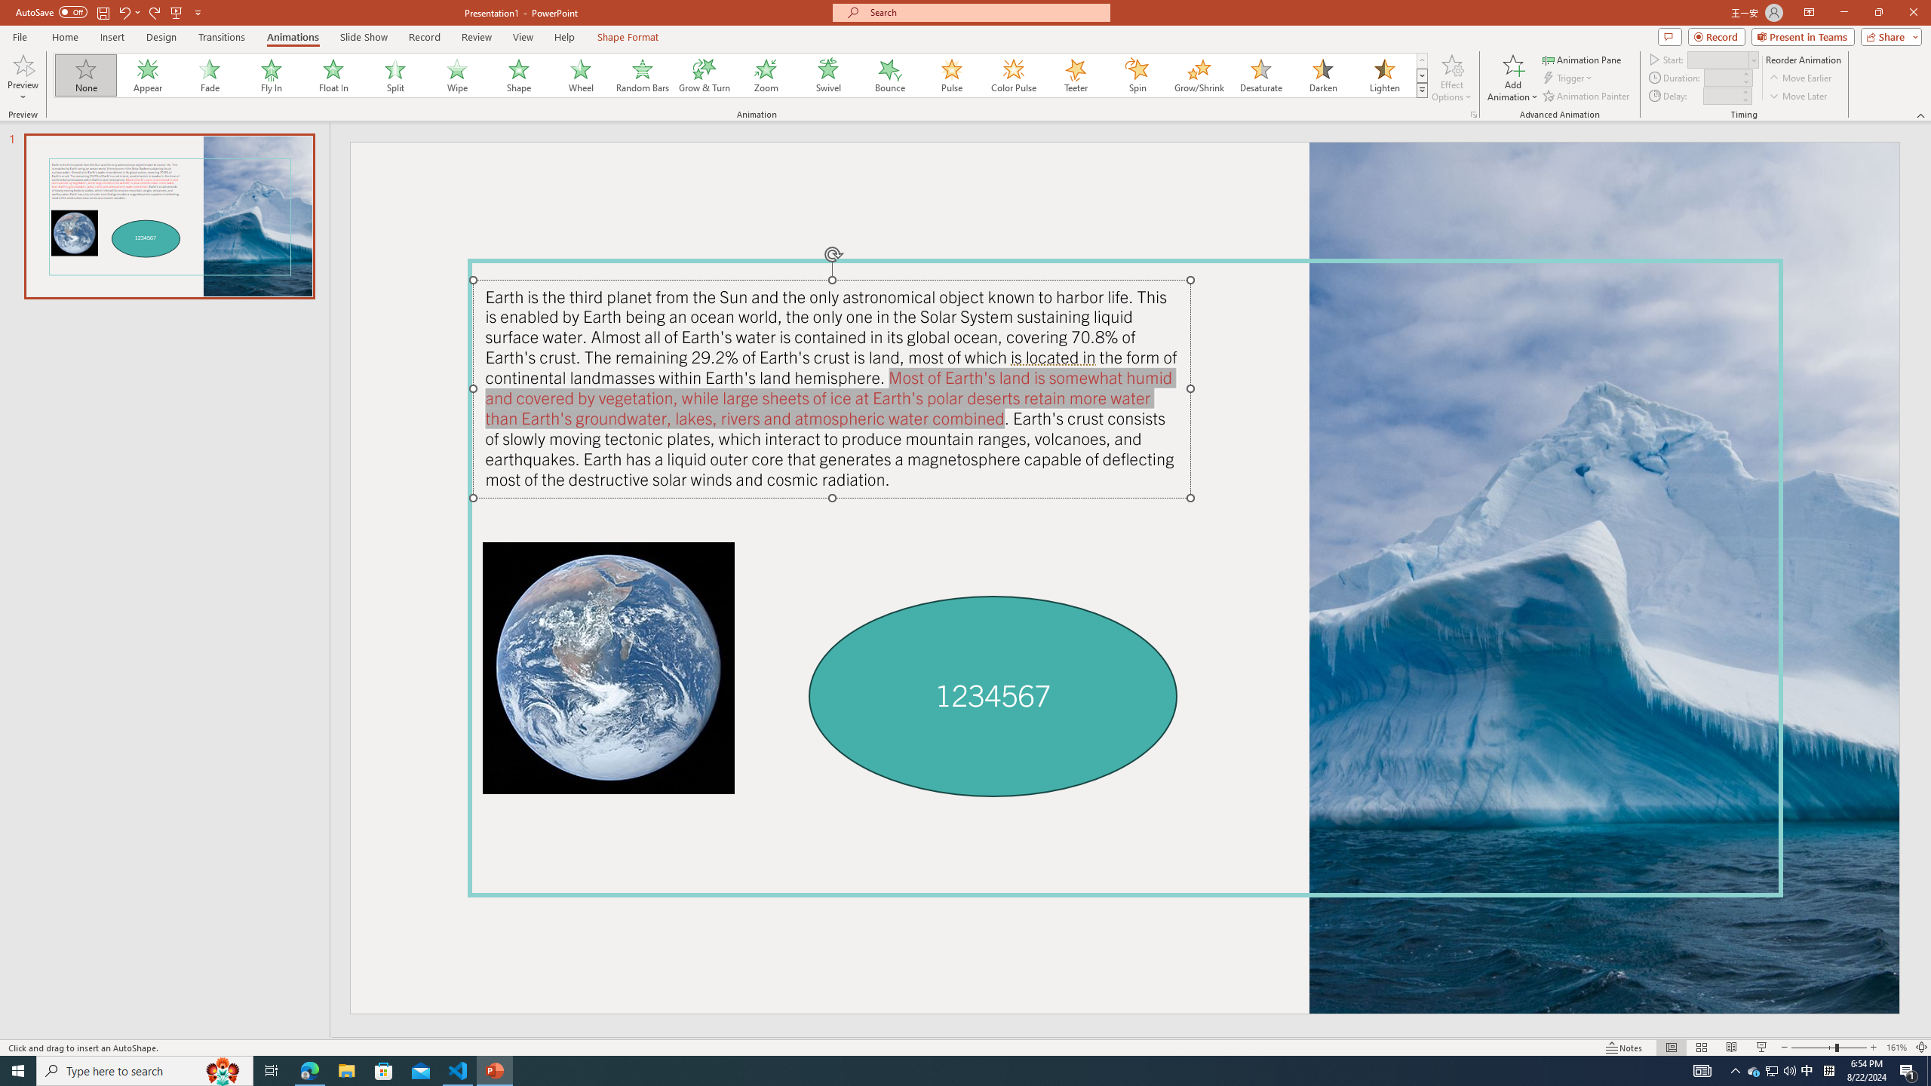  What do you see at coordinates (581, 75) in the screenshot?
I see `'Wheel'` at bounding box center [581, 75].